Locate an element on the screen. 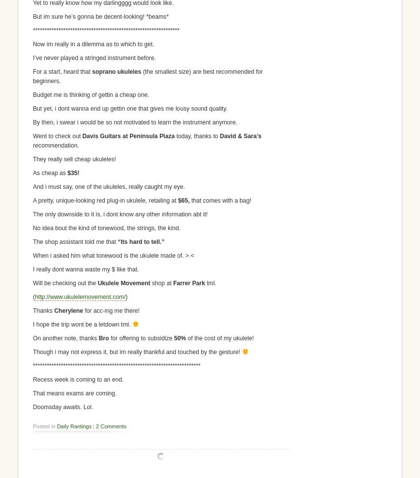 Image resolution: width=420 pixels, height=478 pixels. 'recommendation.' is located at coordinates (56, 145).